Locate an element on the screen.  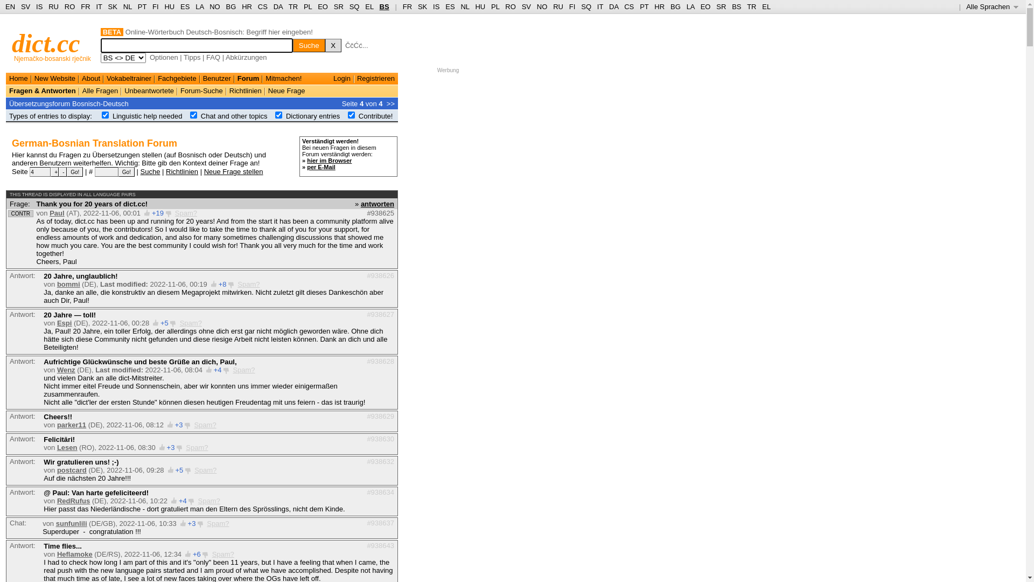
'PL' is located at coordinates (491, 6).